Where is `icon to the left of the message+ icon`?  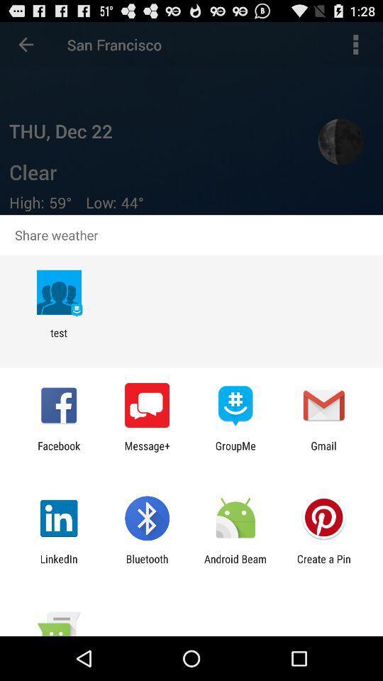
icon to the left of the message+ icon is located at coordinates (58, 451).